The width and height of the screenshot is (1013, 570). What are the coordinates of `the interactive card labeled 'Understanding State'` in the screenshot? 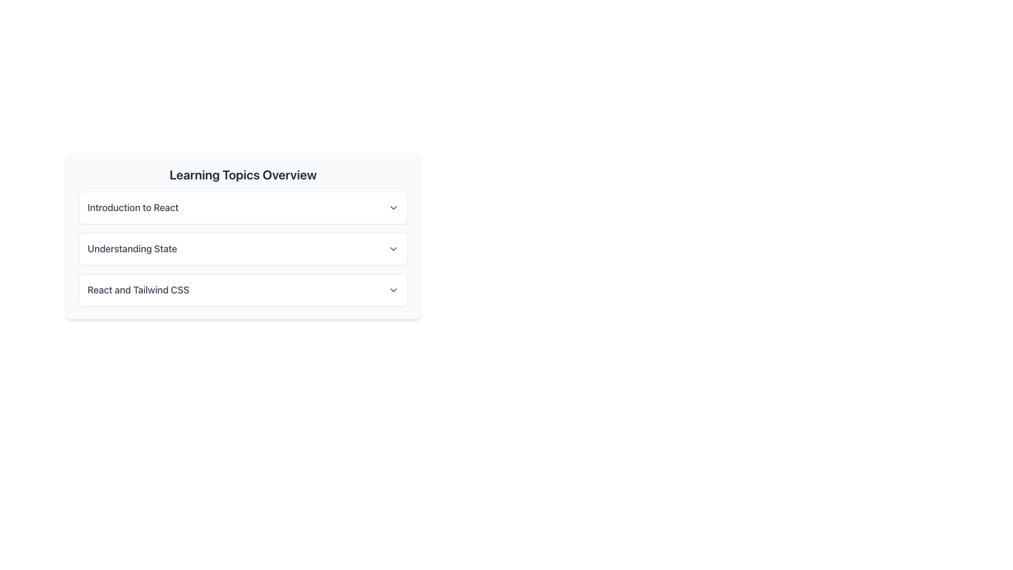 It's located at (242, 235).